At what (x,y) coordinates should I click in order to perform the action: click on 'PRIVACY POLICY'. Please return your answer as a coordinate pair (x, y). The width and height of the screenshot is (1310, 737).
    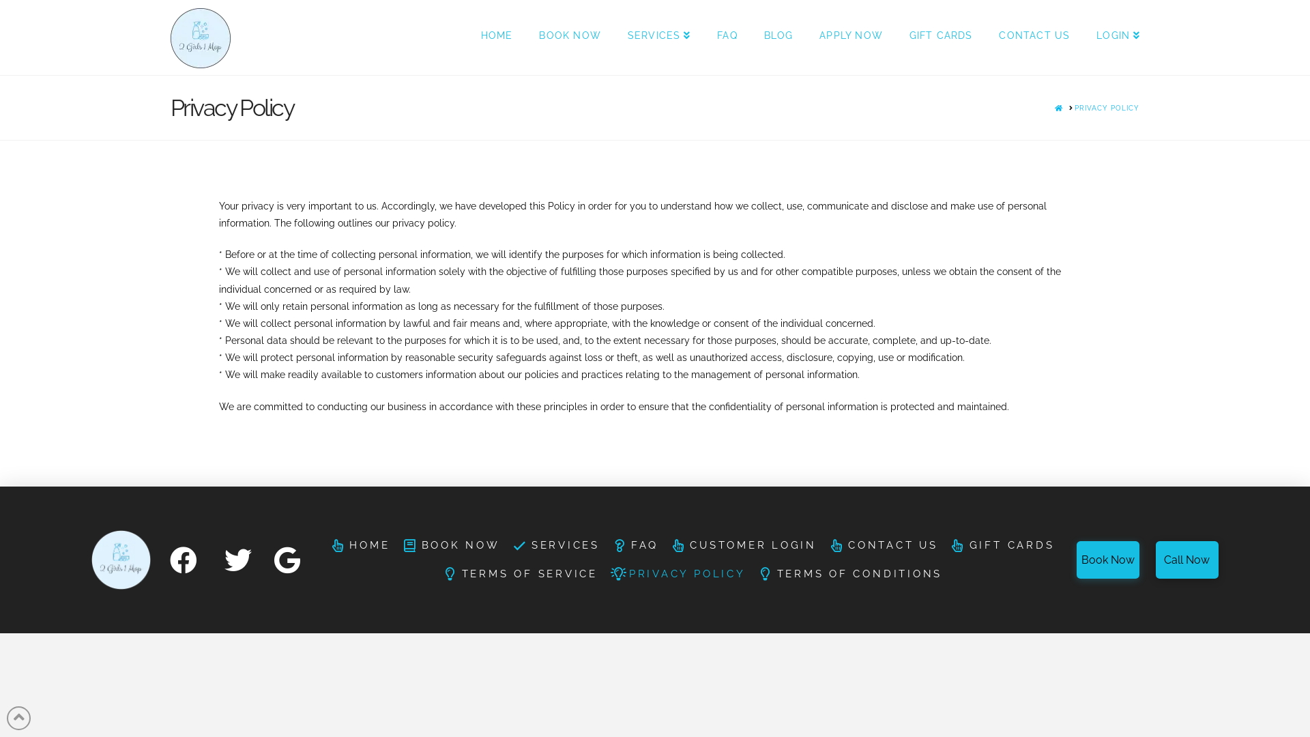
    Looking at the image, I should click on (677, 574).